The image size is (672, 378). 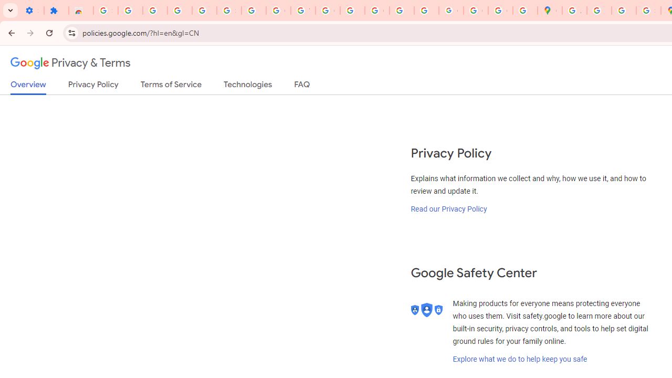 What do you see at coordinates (549, 10) in the screenshot?
I see `'Google Maps'` at bounding box center [549, 10].